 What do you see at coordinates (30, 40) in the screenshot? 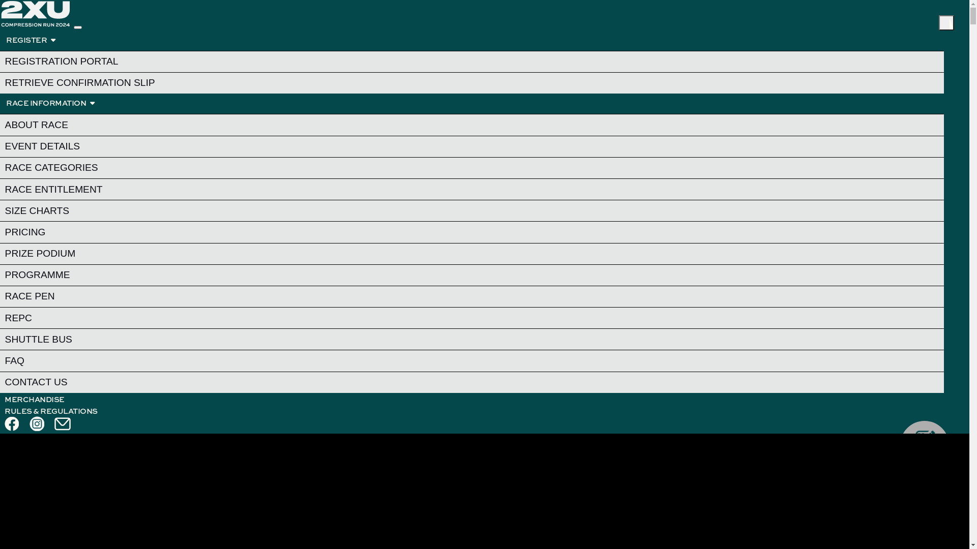
I see `'REGISTER  '` at bounding box center [30, 40].